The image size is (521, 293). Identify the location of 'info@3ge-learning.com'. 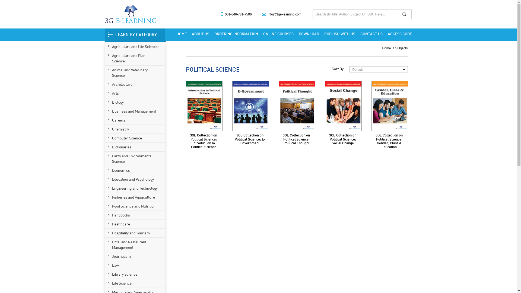
(284, 14).